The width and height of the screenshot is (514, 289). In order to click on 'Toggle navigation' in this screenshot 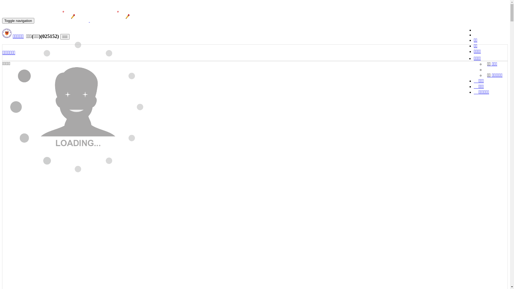, I will do `click(18, 20)`.